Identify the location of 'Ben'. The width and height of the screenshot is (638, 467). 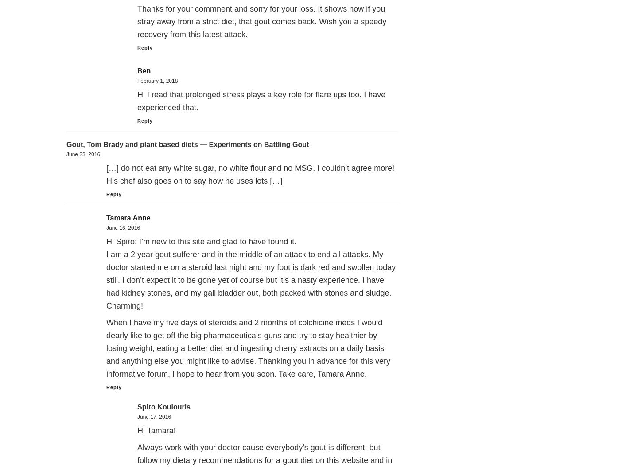
(144, 71).